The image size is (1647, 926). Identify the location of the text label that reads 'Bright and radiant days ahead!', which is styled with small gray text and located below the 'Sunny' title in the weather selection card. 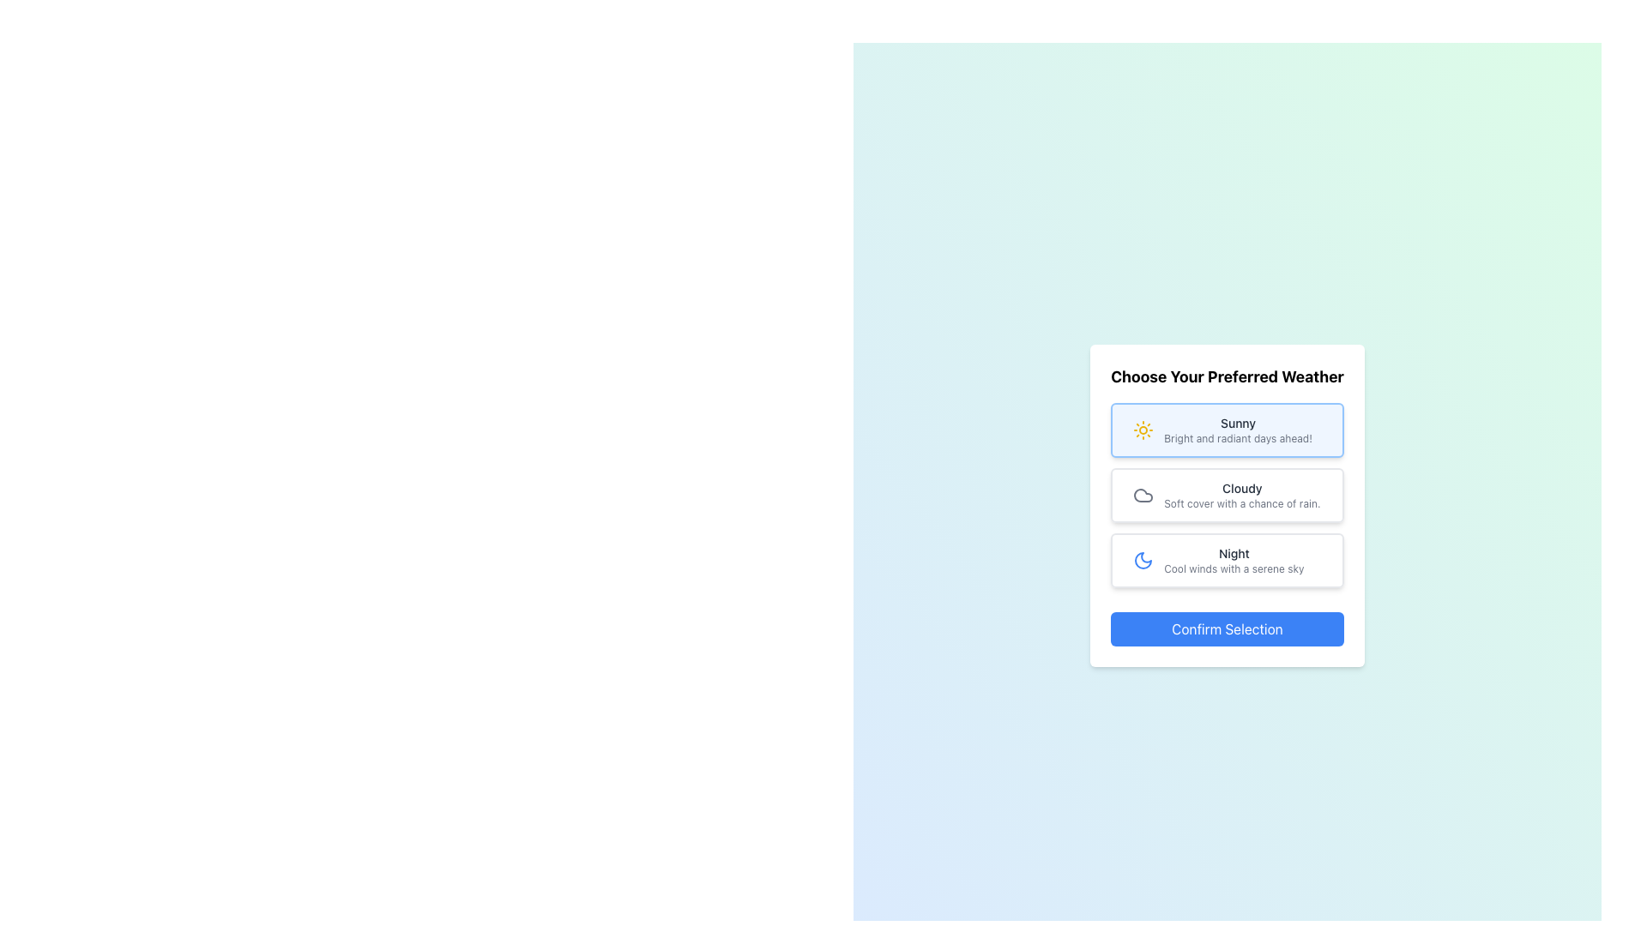
(1238, 438).